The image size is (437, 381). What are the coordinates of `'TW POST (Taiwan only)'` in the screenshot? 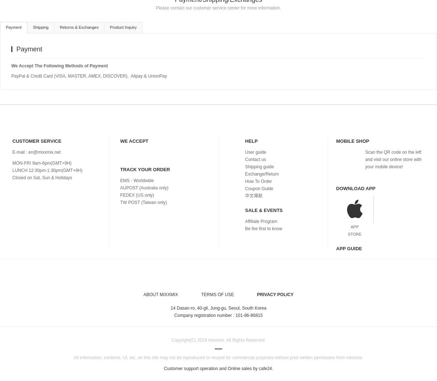 It's located at (143, 201).